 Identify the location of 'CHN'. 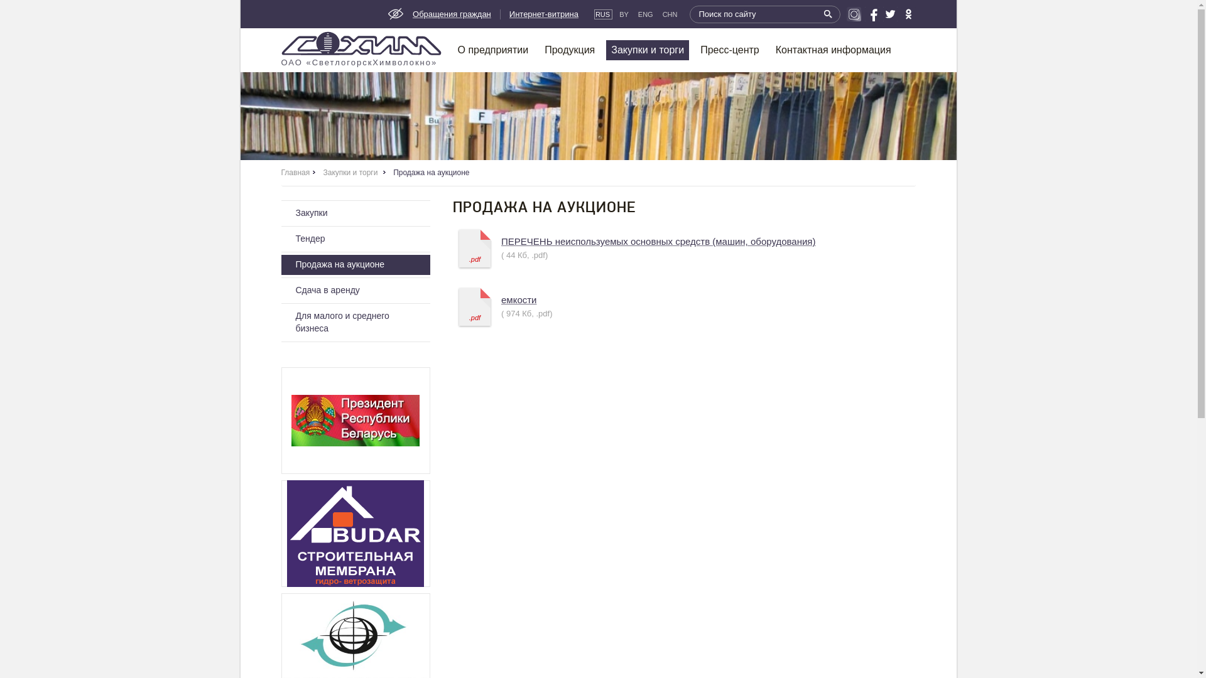
(670, 14).